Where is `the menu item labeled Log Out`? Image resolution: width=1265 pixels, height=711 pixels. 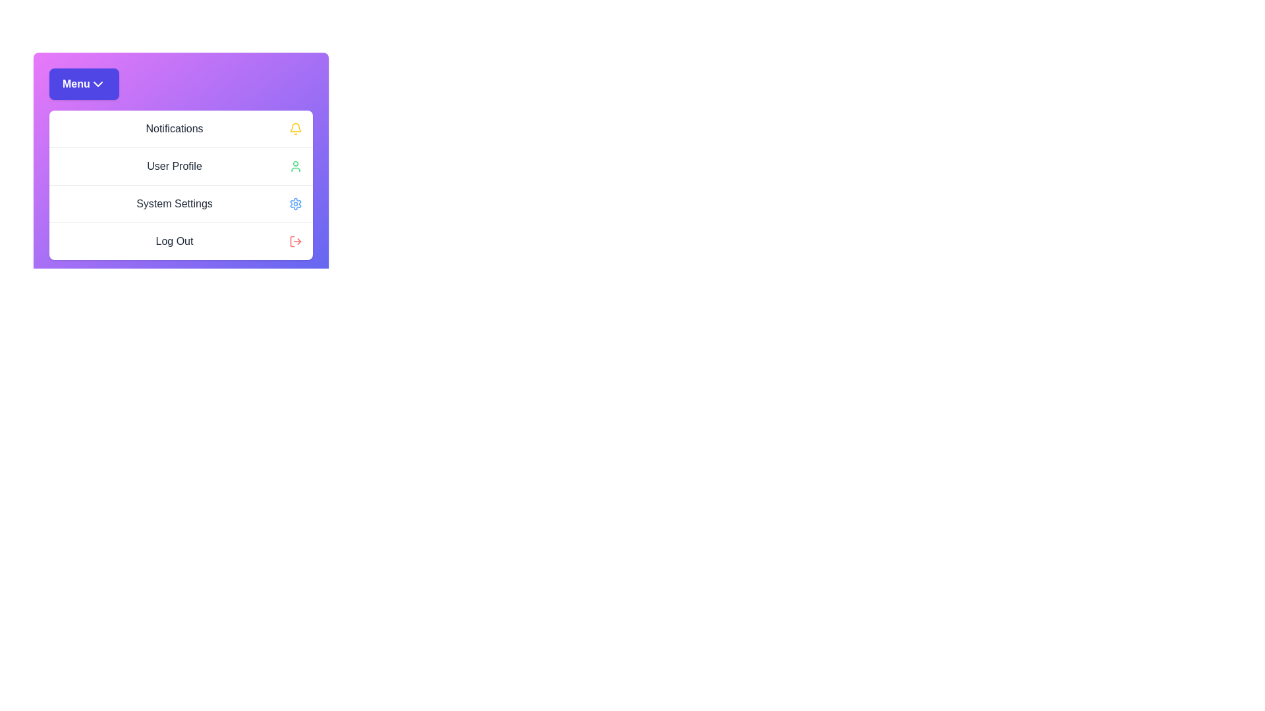
the menu item labeled Log Out is located at coordinates (180, 241).